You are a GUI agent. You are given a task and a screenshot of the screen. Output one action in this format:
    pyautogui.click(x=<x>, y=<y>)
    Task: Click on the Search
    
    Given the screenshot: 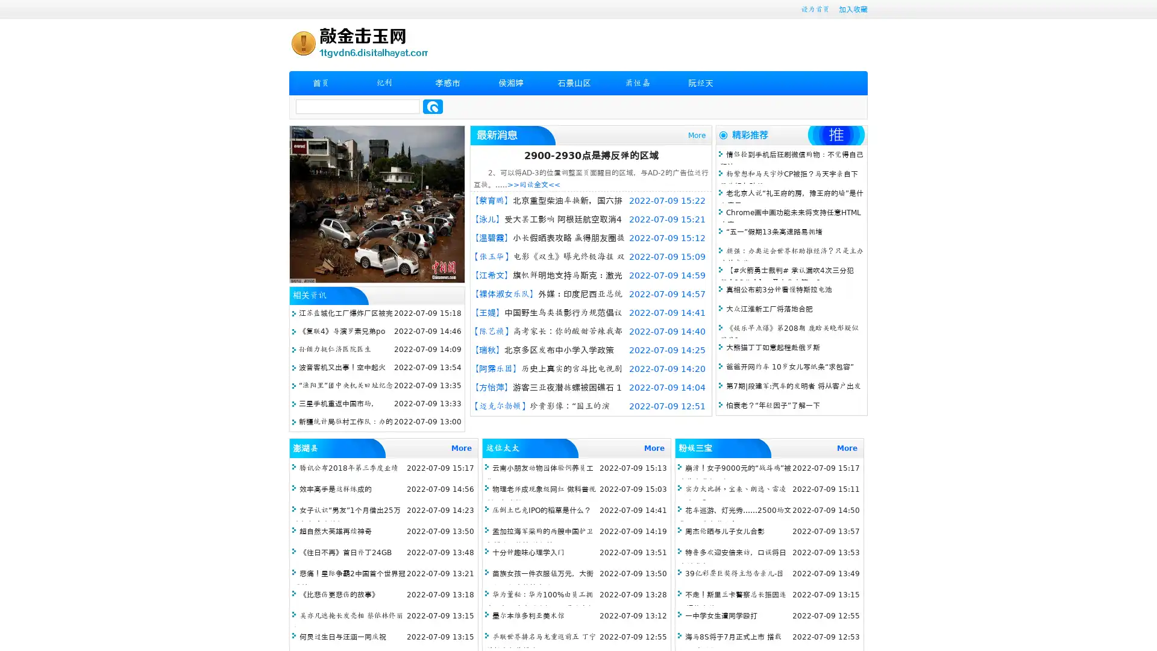 What is the action you would take?
    pyautogui.click(x=433, y=106)
    